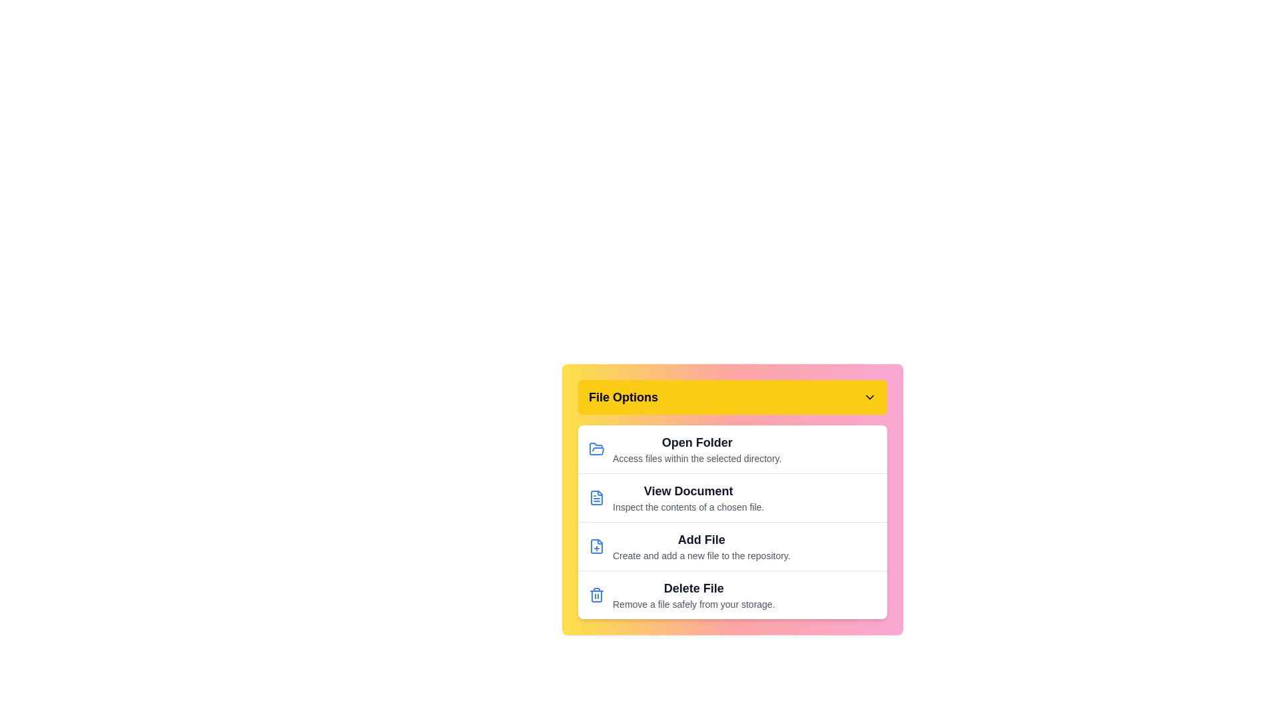  What do you see at coordinates (596, 595) in the screenshot?
I see `the middle segment of the trash can icon, which symbolizes the 'Delete File' action in the interface` at bounding box center [596, 595].